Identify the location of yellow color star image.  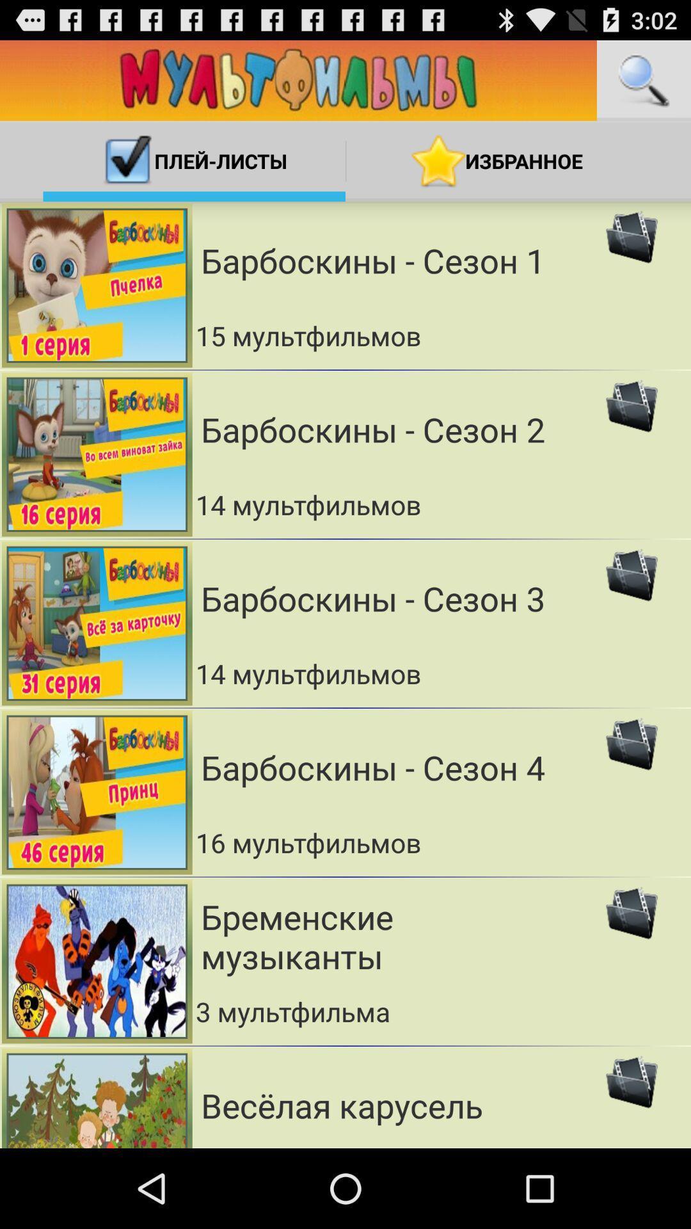
(438, 161).